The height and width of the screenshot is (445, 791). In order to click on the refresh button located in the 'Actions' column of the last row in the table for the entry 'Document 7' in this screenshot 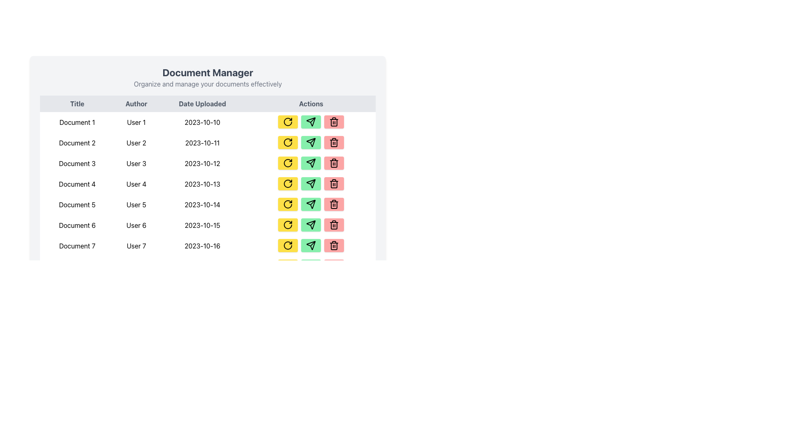, I will do `click(288, 245)`.